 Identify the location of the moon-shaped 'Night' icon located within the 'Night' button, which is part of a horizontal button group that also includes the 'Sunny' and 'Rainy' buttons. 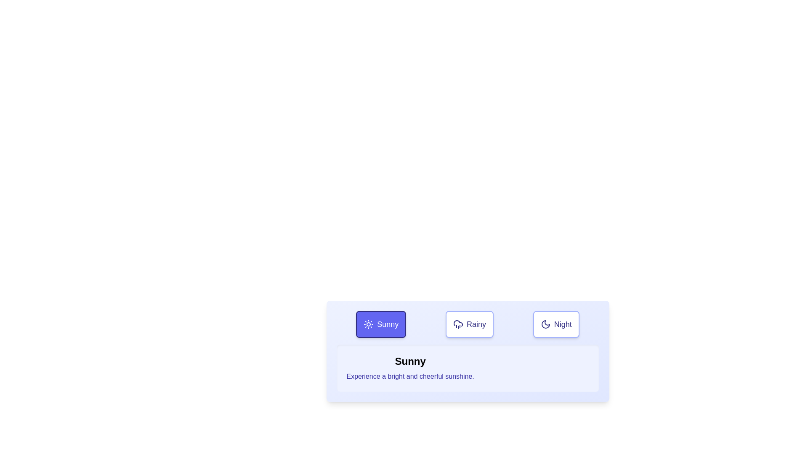
(545, 324).